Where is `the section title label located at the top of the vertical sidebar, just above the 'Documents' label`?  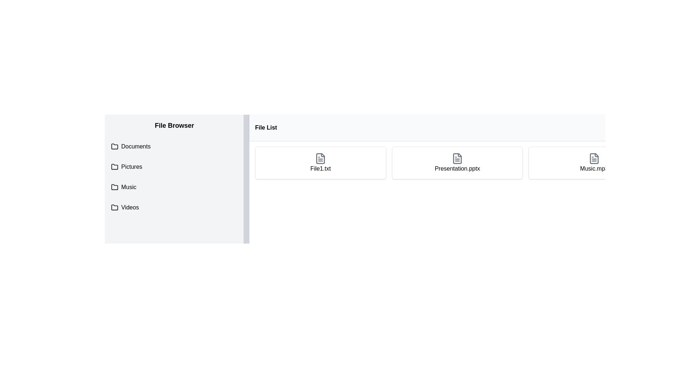 the section title label located at the top of the vertical sidebar, just above the 'Documents' label is located at coordinates (174, 125).